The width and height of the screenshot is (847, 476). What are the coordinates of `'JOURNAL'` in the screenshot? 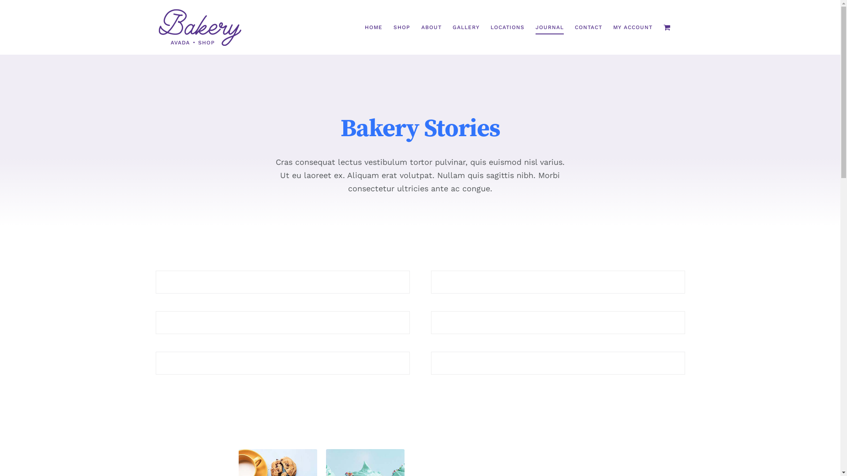 It's located at (549, 26).